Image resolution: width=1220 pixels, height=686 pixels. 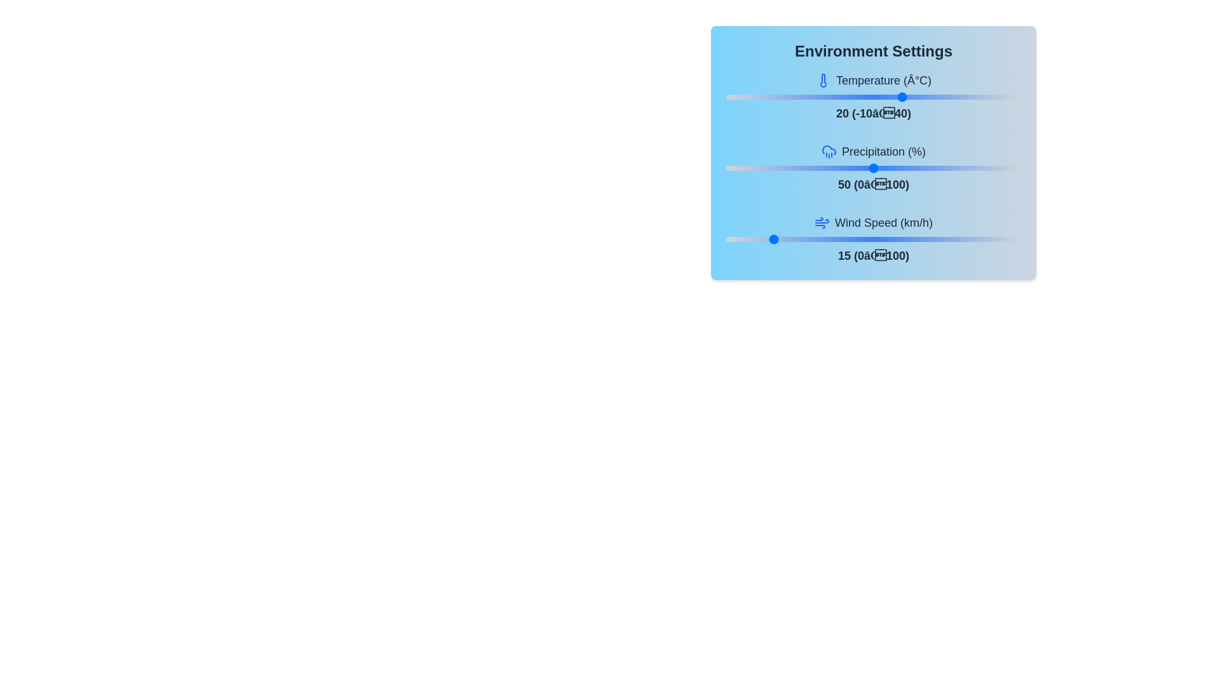 I want to click on value displayed in the text label showing '50 (0–100)', which is styled in bold and dark gray, positioned below the precipitation settings range slider, so click(x=872, y=184).